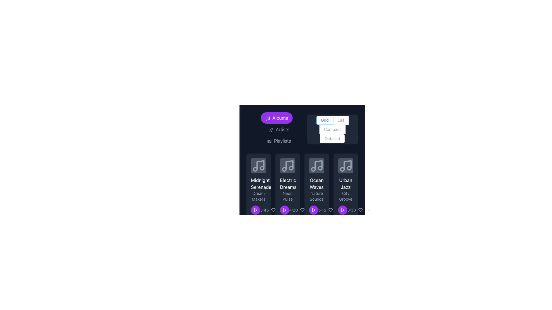 This screenshot has height=310, width=552. I want to click on the SVG icon representing a musical note located in the first album card titled 'Midnight Serenade' in the top-left corner of the visible album list, so click(258, 166).